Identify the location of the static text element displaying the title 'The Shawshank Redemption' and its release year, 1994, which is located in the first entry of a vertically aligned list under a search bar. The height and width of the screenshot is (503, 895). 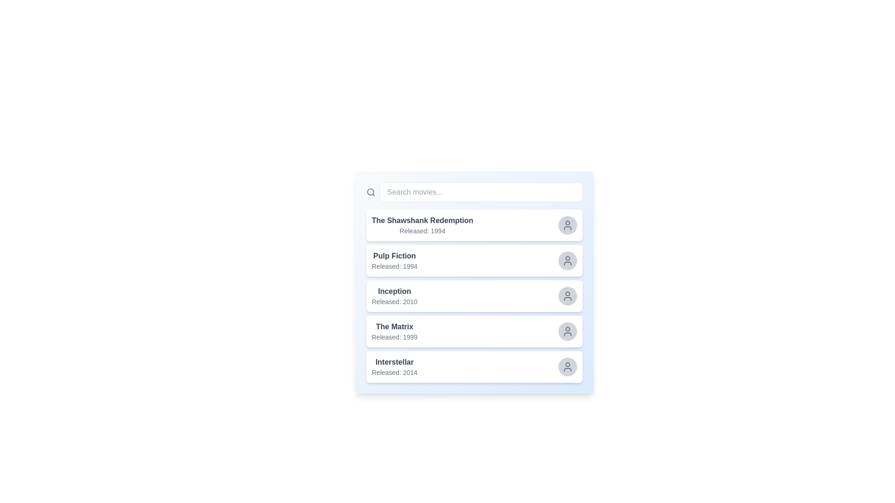
(422, 225).